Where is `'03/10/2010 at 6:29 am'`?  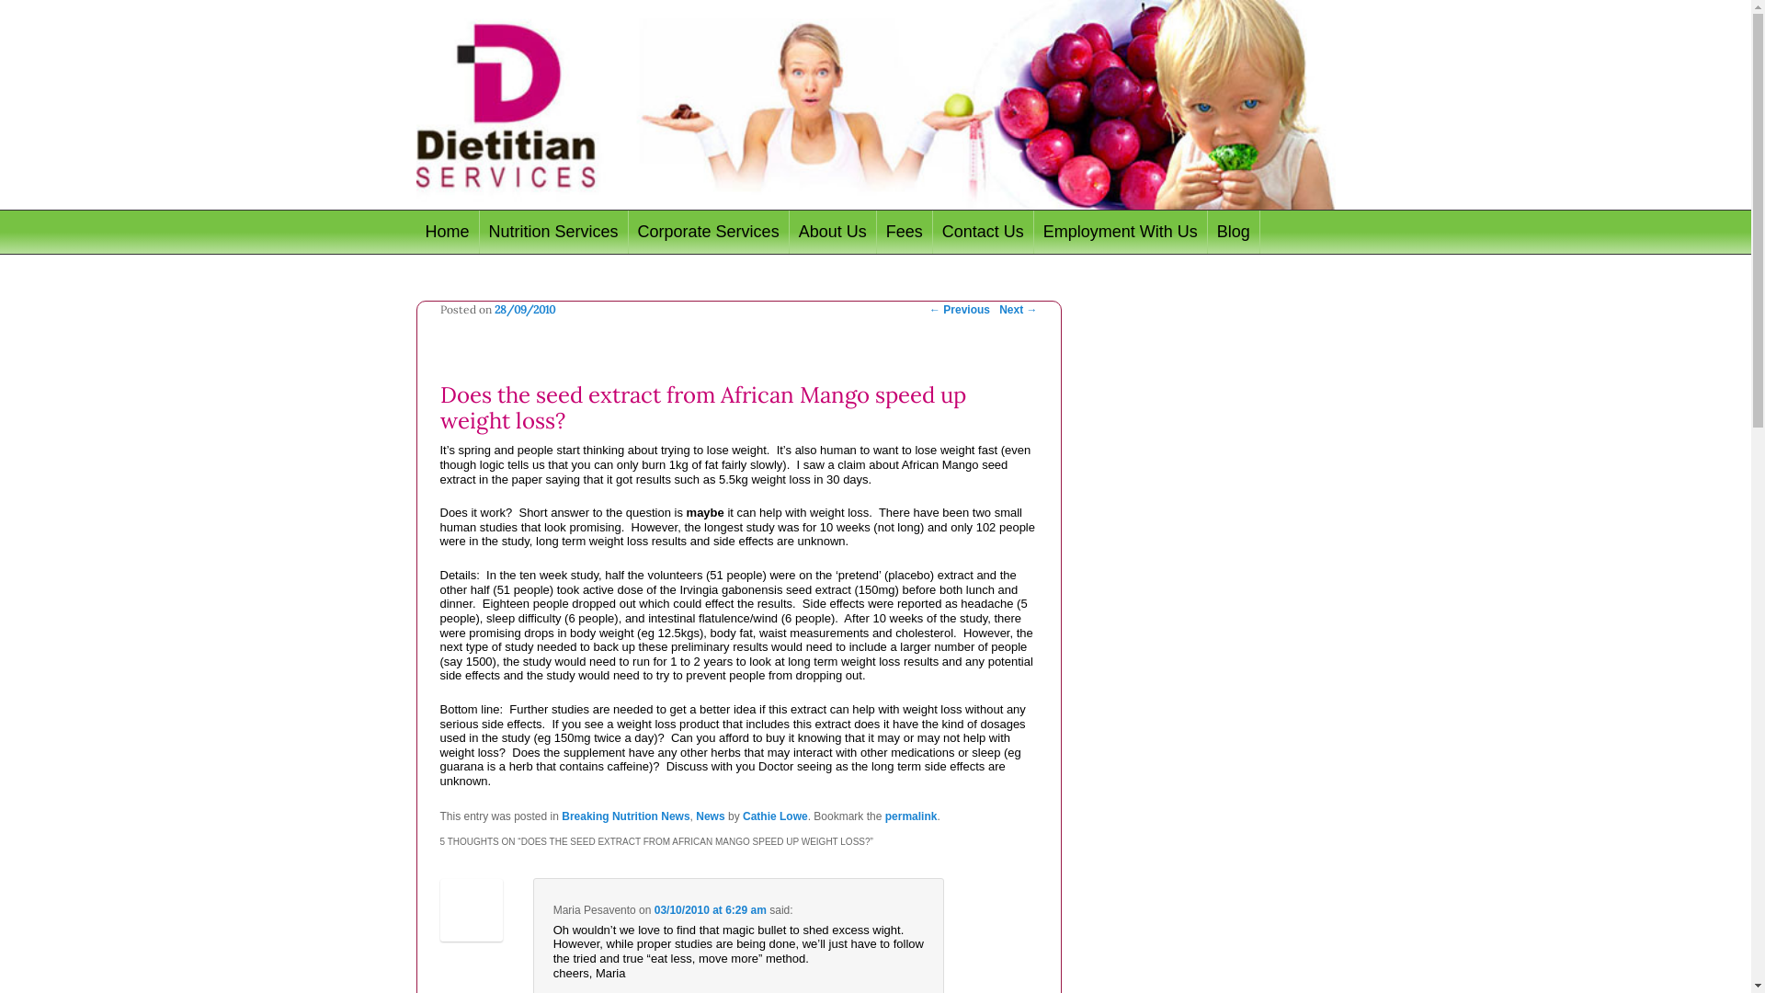
'03/10/2010 at 6:29 am' is located at coordinates (709, 910).